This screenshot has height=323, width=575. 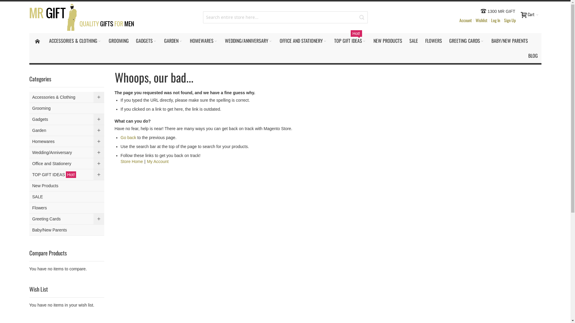 What do you see at coordinates (67, 230) in the screenshot?
I see `'Baby/New Parents'` at bounding box center [67, 230].